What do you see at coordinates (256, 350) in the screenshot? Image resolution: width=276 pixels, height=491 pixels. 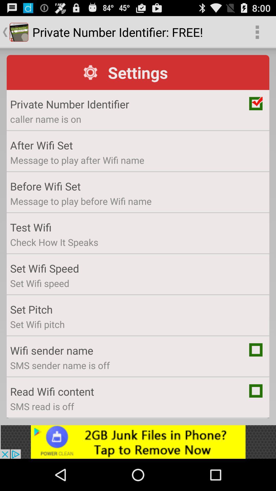 I see `mark item` at bounding box center [256, 350].